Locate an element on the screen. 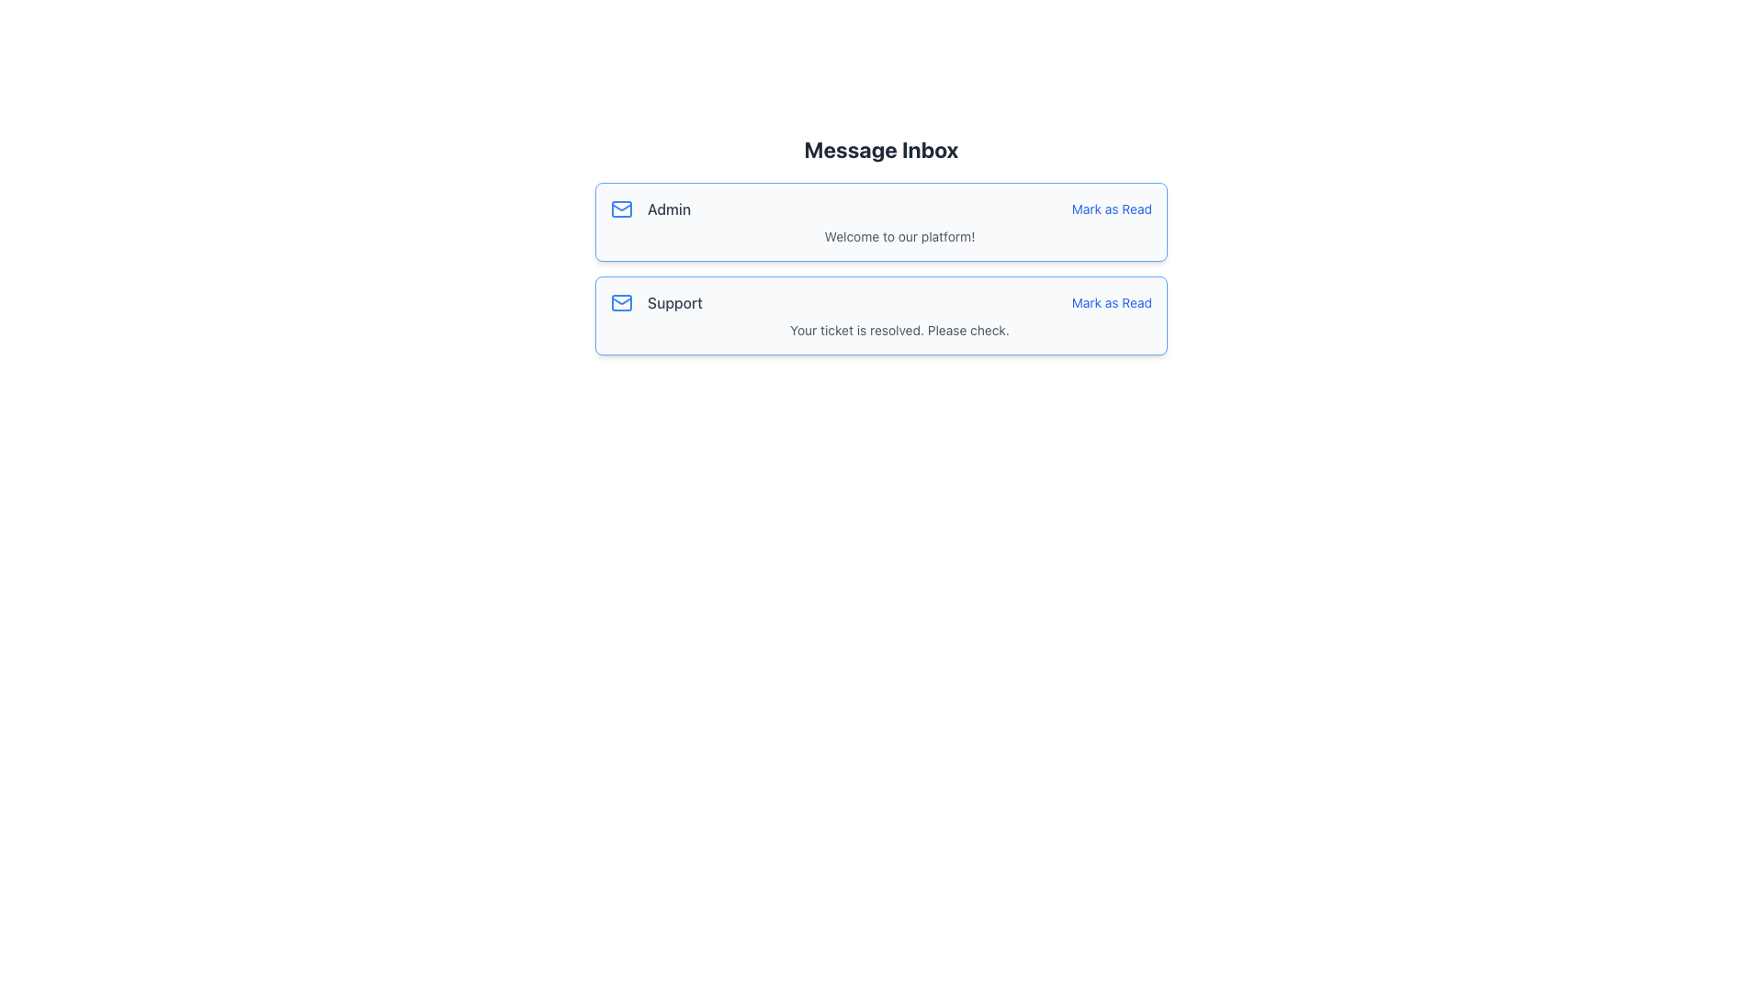 This screenshot has height=992, width=1764. the Text Label that conveys information about the ticket status in the 'Support' section, located beneath the 'Mark as Read' button is located at coordinates (899, 329).